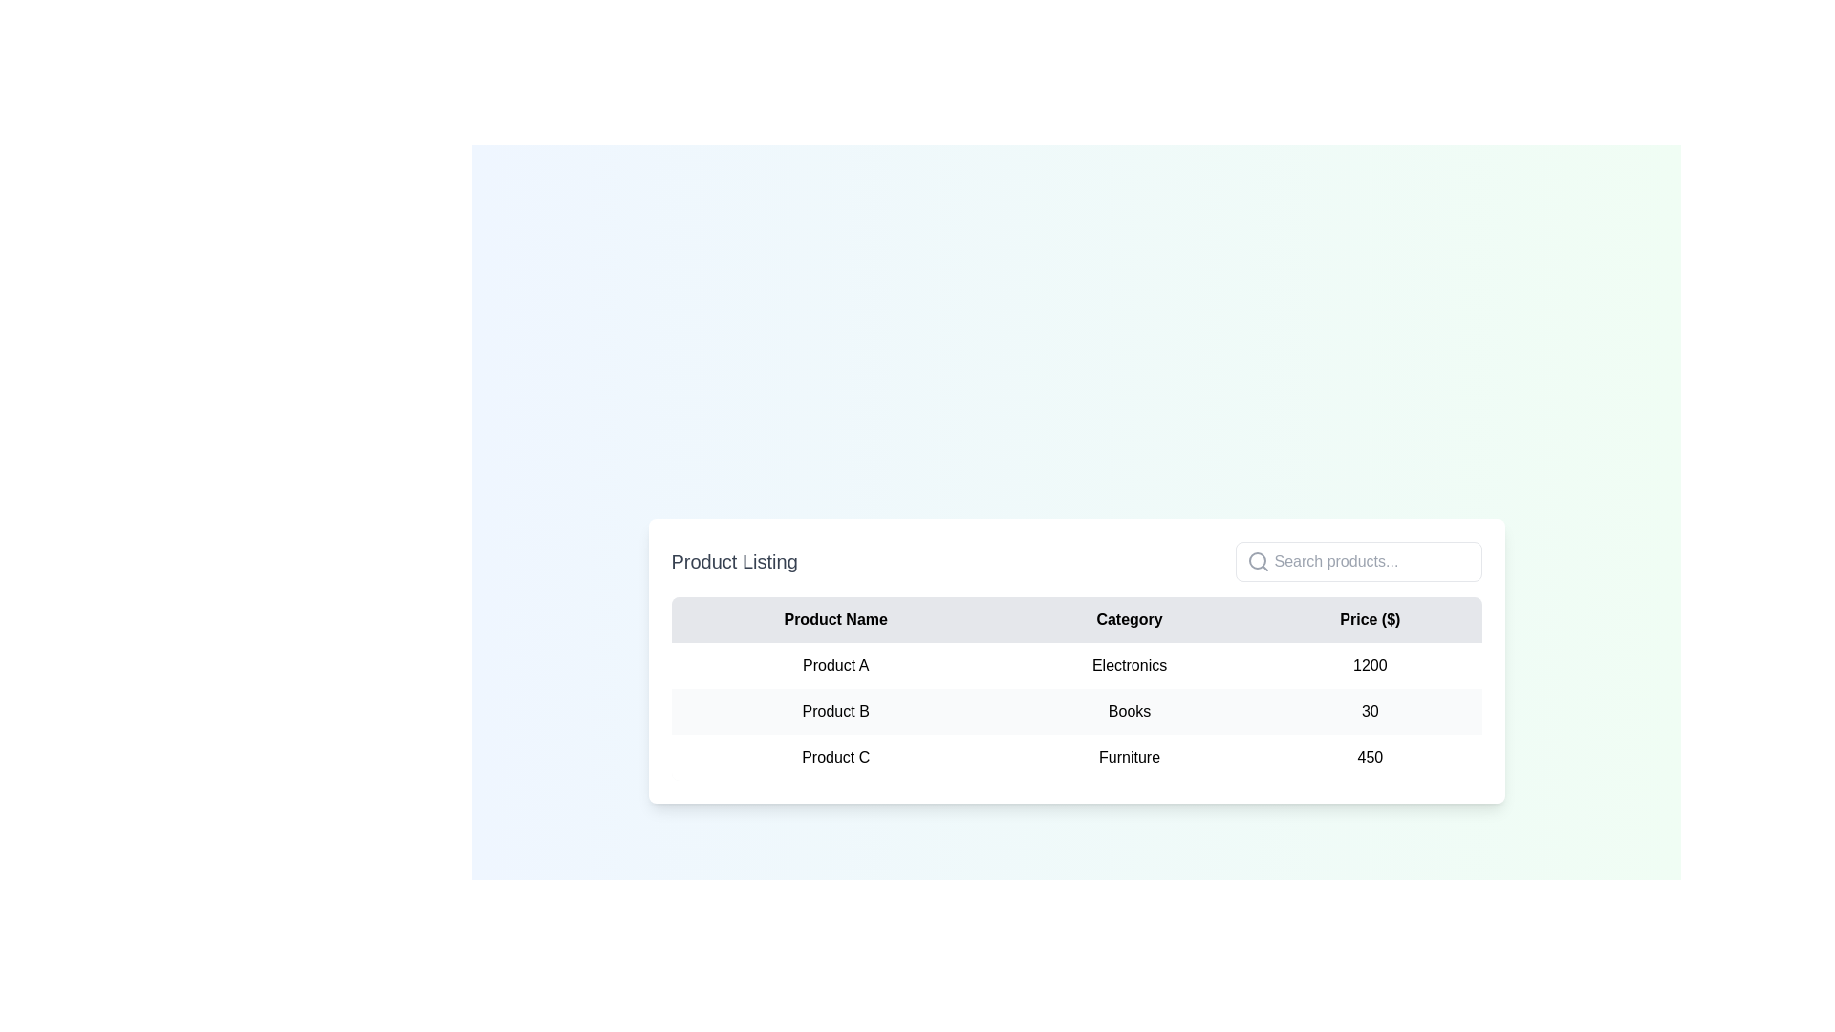 This screenshot has width=1835, height=1032. I want to click on the static text displaying the numeric value '1200' in the 'Price ($)' column of the second row corresponding to 'Product A' in the Electronics category, so click(1369, 665).